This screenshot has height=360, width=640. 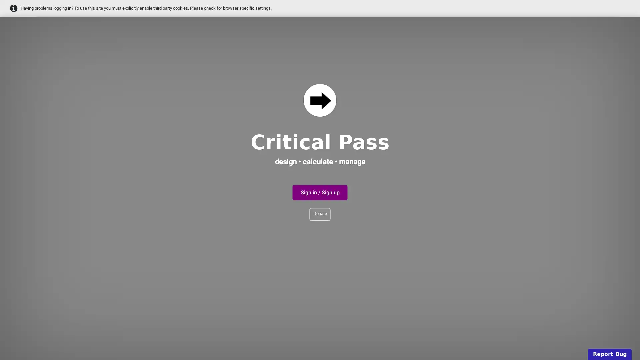 I want to click on Sign in / Sign up, so click(x=319, y=192).